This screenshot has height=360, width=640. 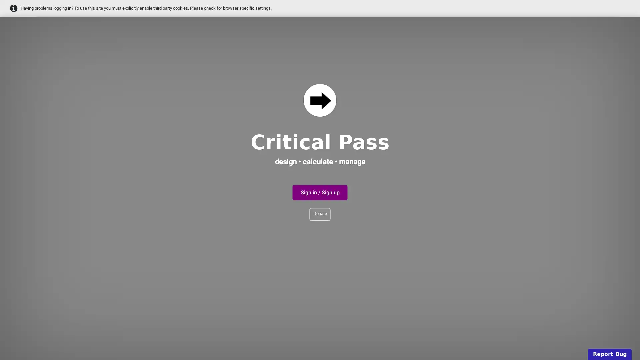 I want to click on Sign in / Sign up, so click(x=319, y=192).